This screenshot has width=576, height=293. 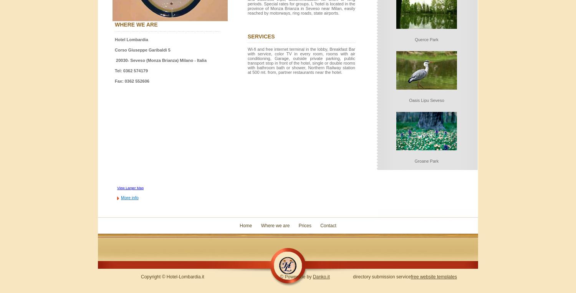 I want to click on 'where we are', so click(x=114, y=25).